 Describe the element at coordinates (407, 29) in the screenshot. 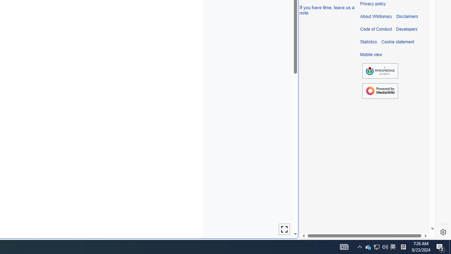

I see `'Developers'` at that location.